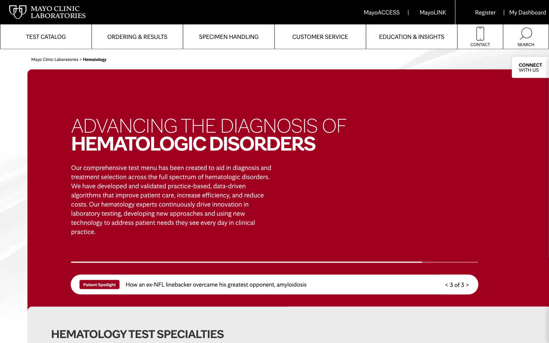  Describe the element at coordinates (432, 12) in the screenshot. I see `MayoLink site` at that location.